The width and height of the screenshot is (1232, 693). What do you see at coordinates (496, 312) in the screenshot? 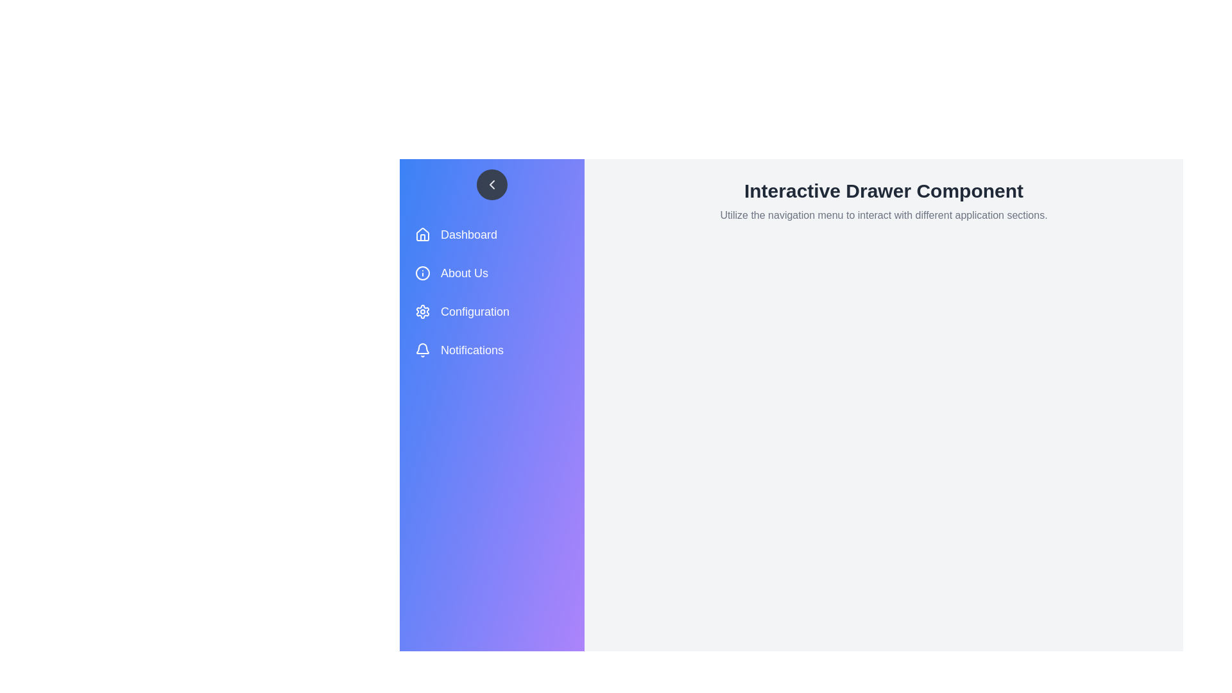
I see `the third entry in the navigation menu` at bounding box center [496, 312].